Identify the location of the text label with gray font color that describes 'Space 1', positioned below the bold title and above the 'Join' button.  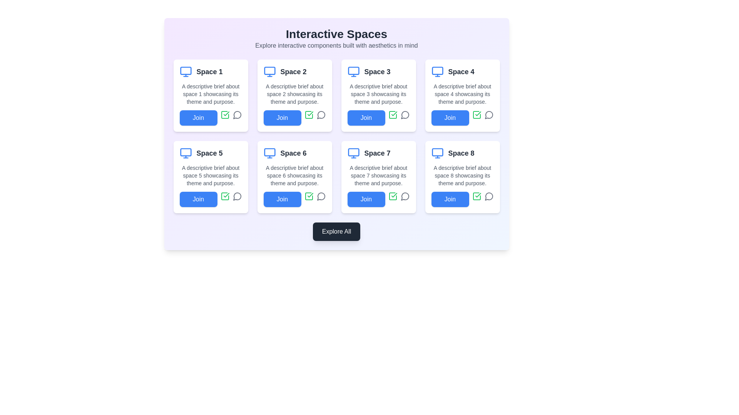
(211, 94).